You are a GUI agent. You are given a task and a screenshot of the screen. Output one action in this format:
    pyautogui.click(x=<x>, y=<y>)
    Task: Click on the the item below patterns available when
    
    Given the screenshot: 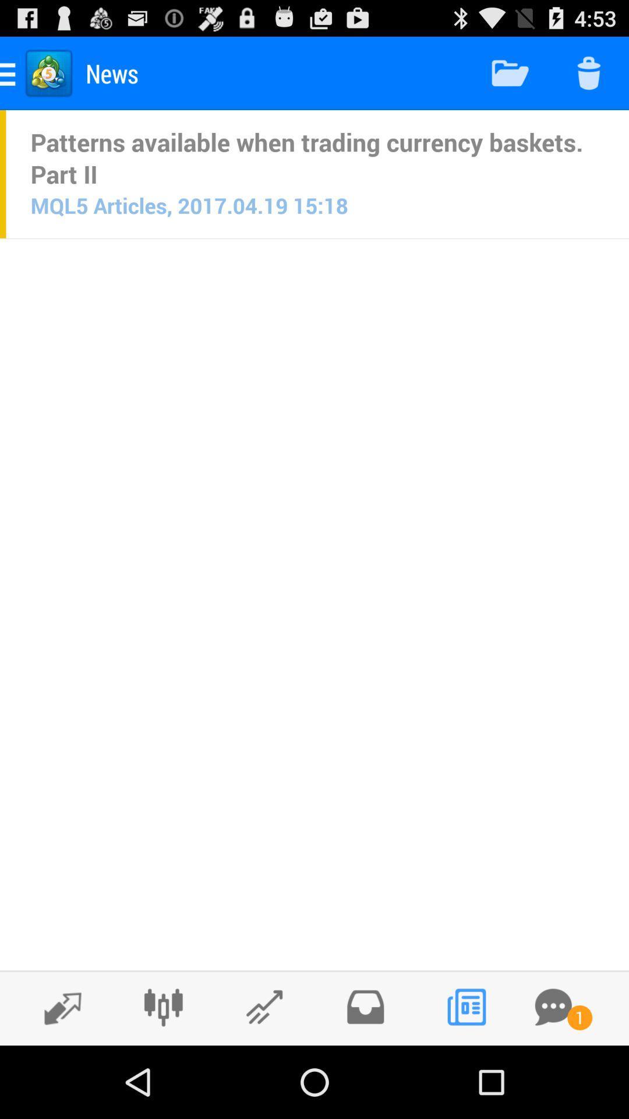 What is the action you would take?
    pyautogui.click(x=189, y=205)
    